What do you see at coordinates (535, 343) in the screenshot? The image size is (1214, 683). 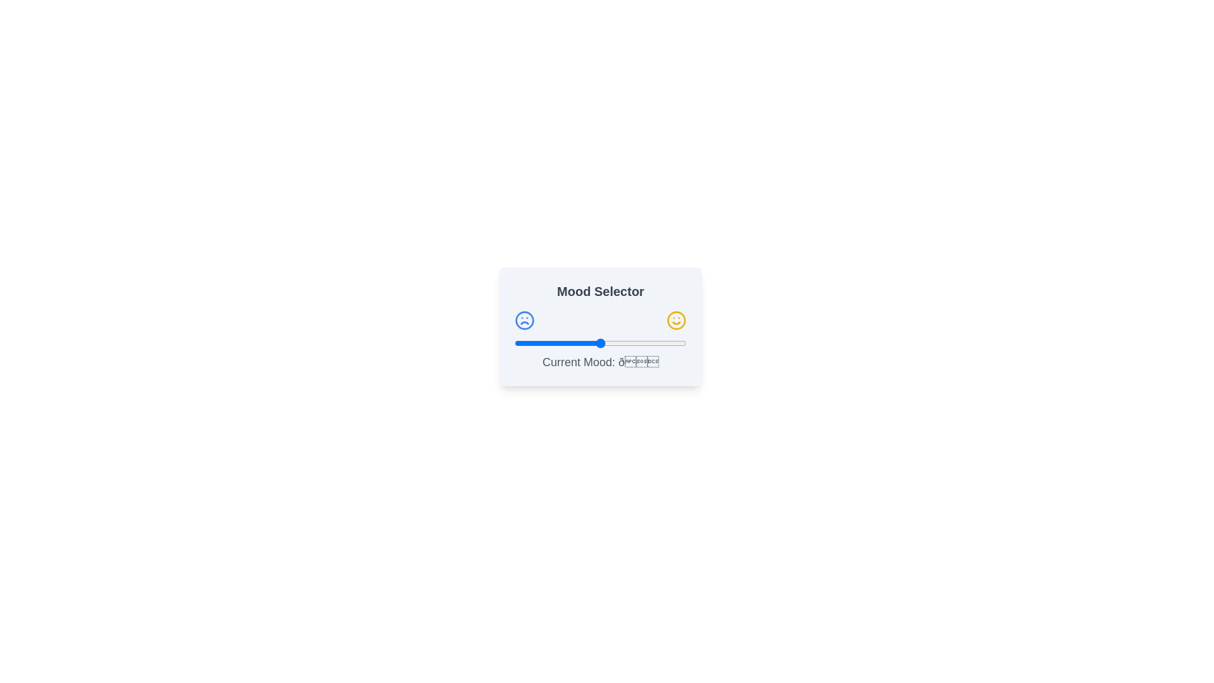 I see `the slider to set the mood value to 12` at bounding box center [535, 343].